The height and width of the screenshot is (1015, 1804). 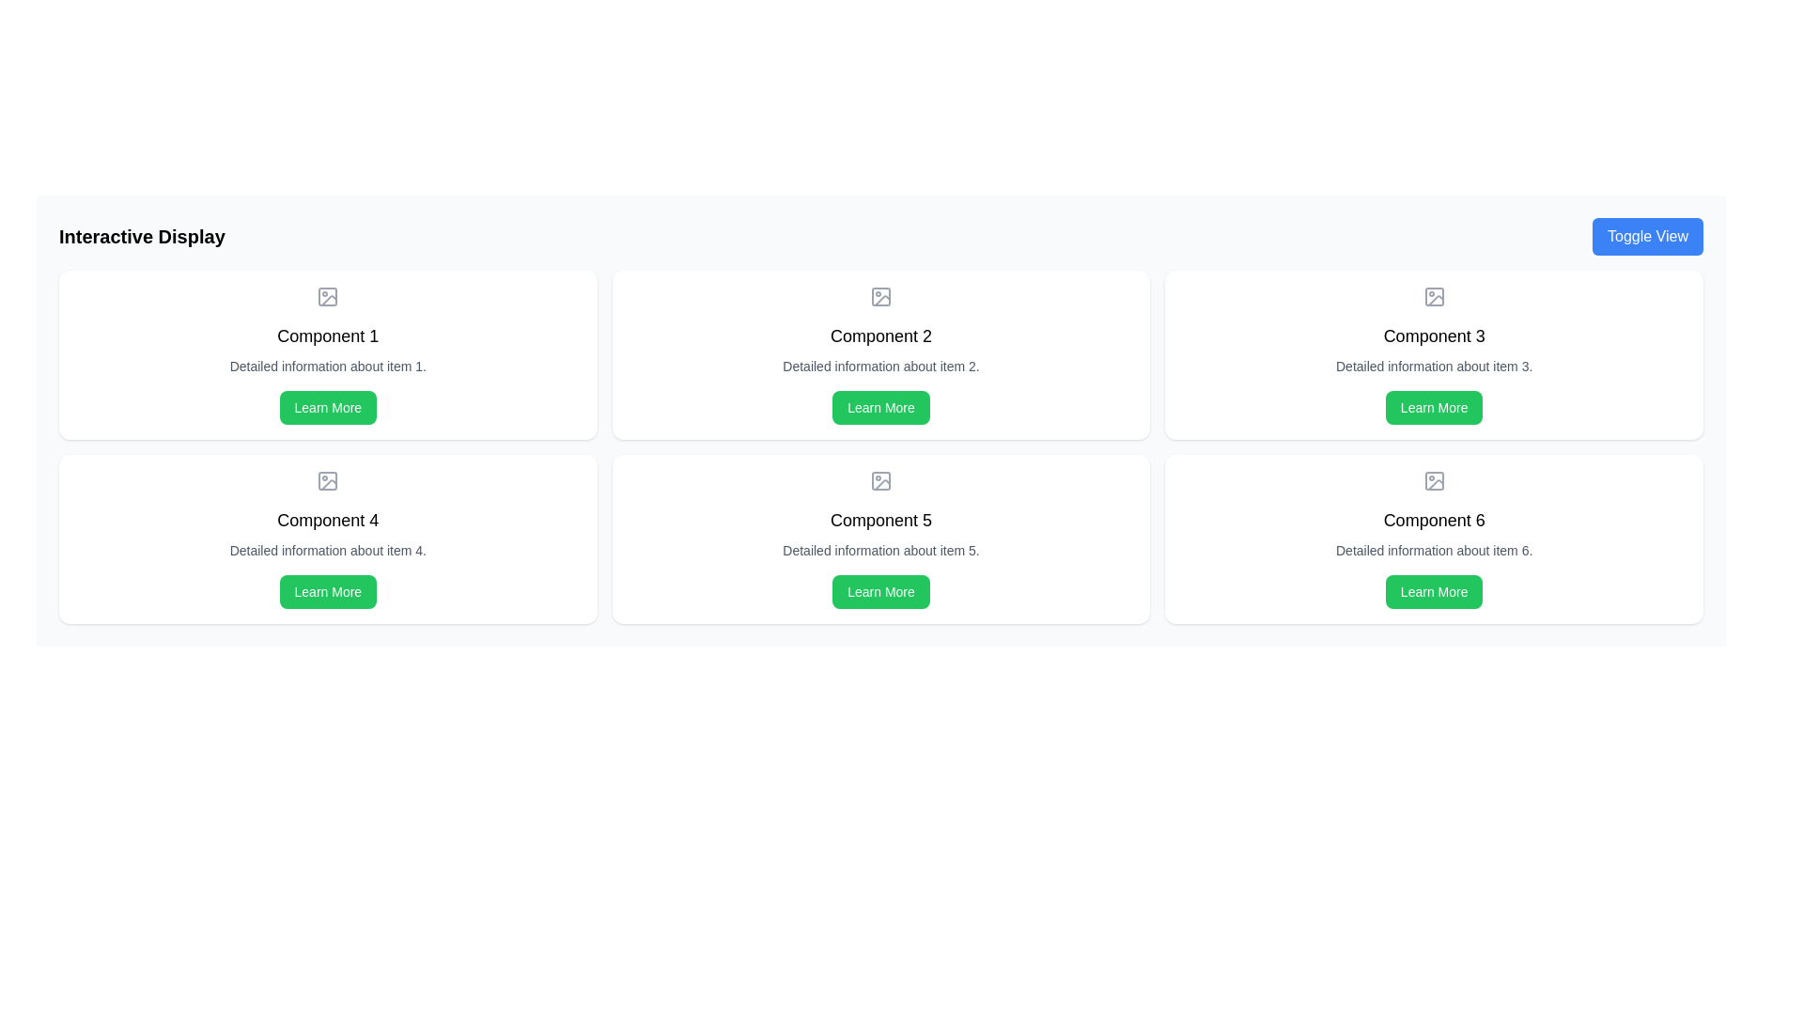 What do you see at coordinates (328, 407) in the screenshot?
I see `the 'Learn More' button, which is the first button in the top row of a grid layout` at bounding box center [328, 407].